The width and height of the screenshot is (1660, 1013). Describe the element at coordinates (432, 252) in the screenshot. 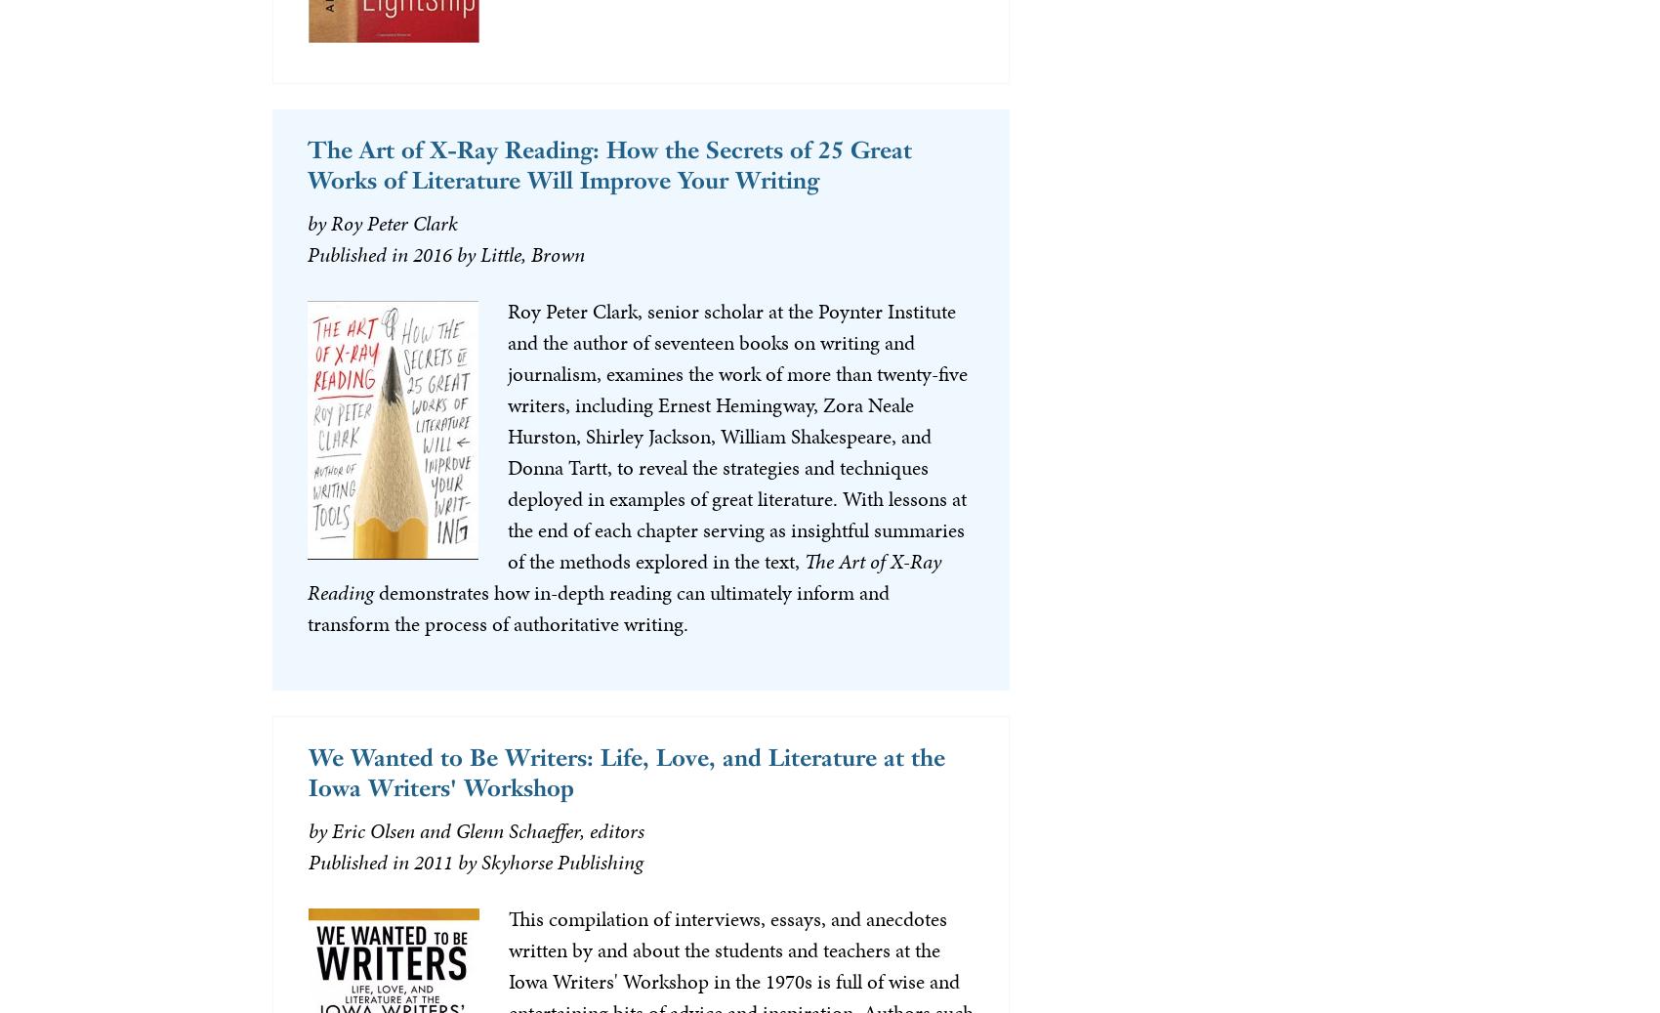

I see `'2016'` at that location.